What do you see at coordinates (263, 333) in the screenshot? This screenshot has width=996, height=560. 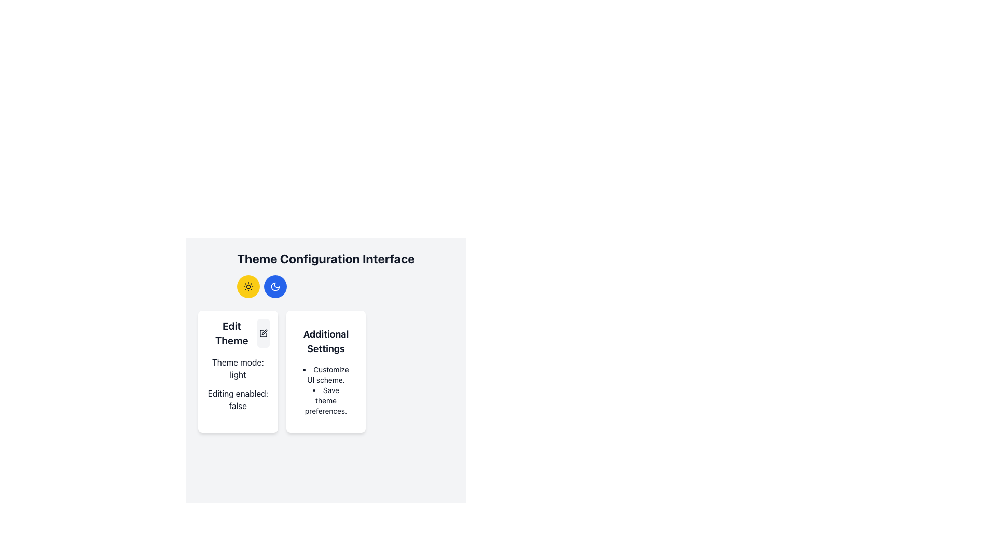 I see `the compact, icon-only button with a pen icon located in the 'Edit Theme' section` at bounding box center [263, 333].